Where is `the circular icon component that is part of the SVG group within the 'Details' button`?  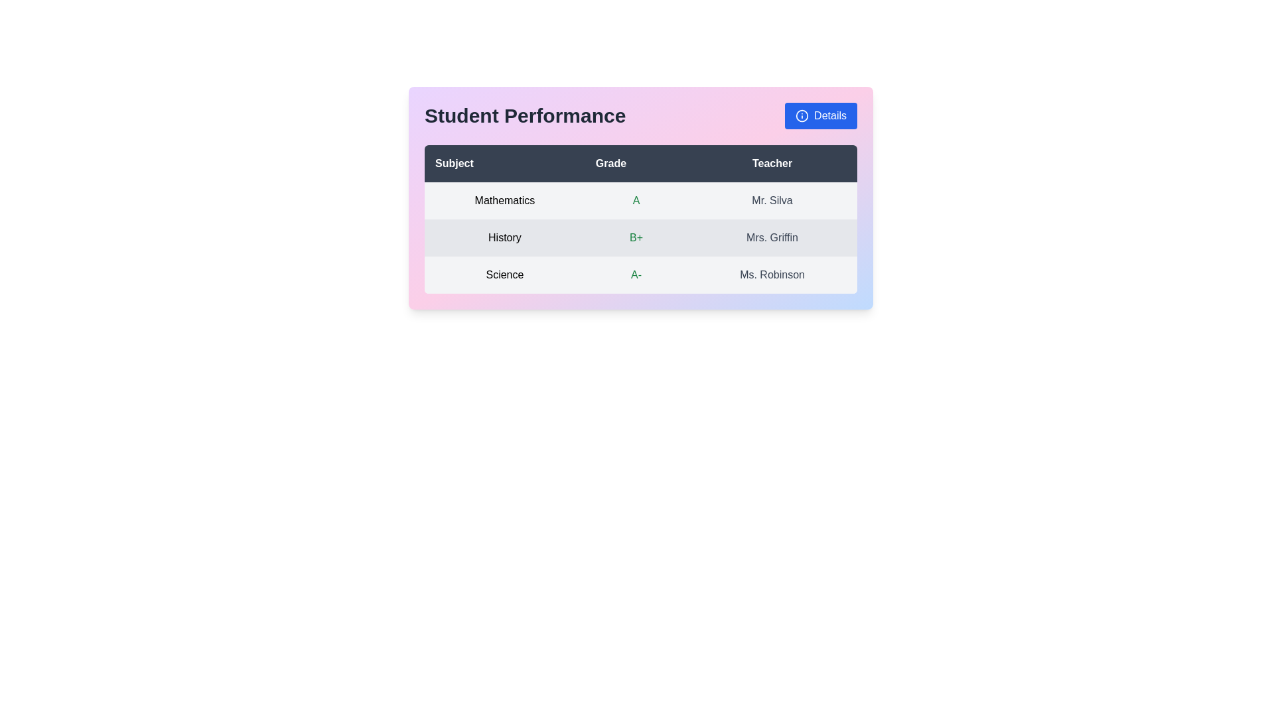 the circular icon component that is part of the SVG group within the 'Details' button is located at coordinates (802, 115).